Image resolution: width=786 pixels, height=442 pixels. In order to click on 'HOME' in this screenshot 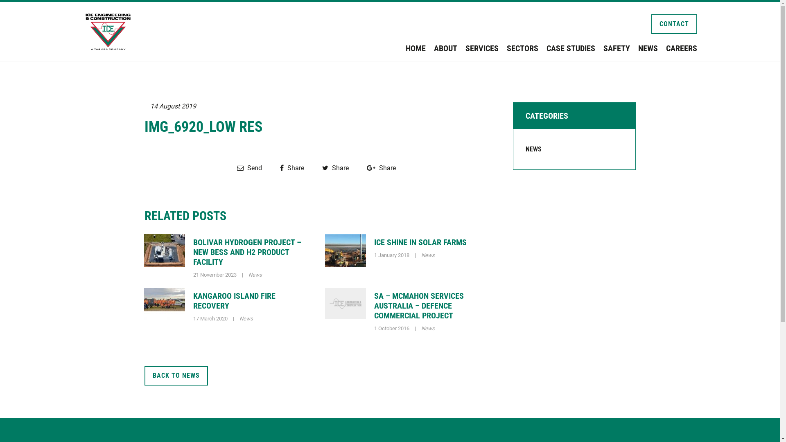, I will do `click(415, 48)`.